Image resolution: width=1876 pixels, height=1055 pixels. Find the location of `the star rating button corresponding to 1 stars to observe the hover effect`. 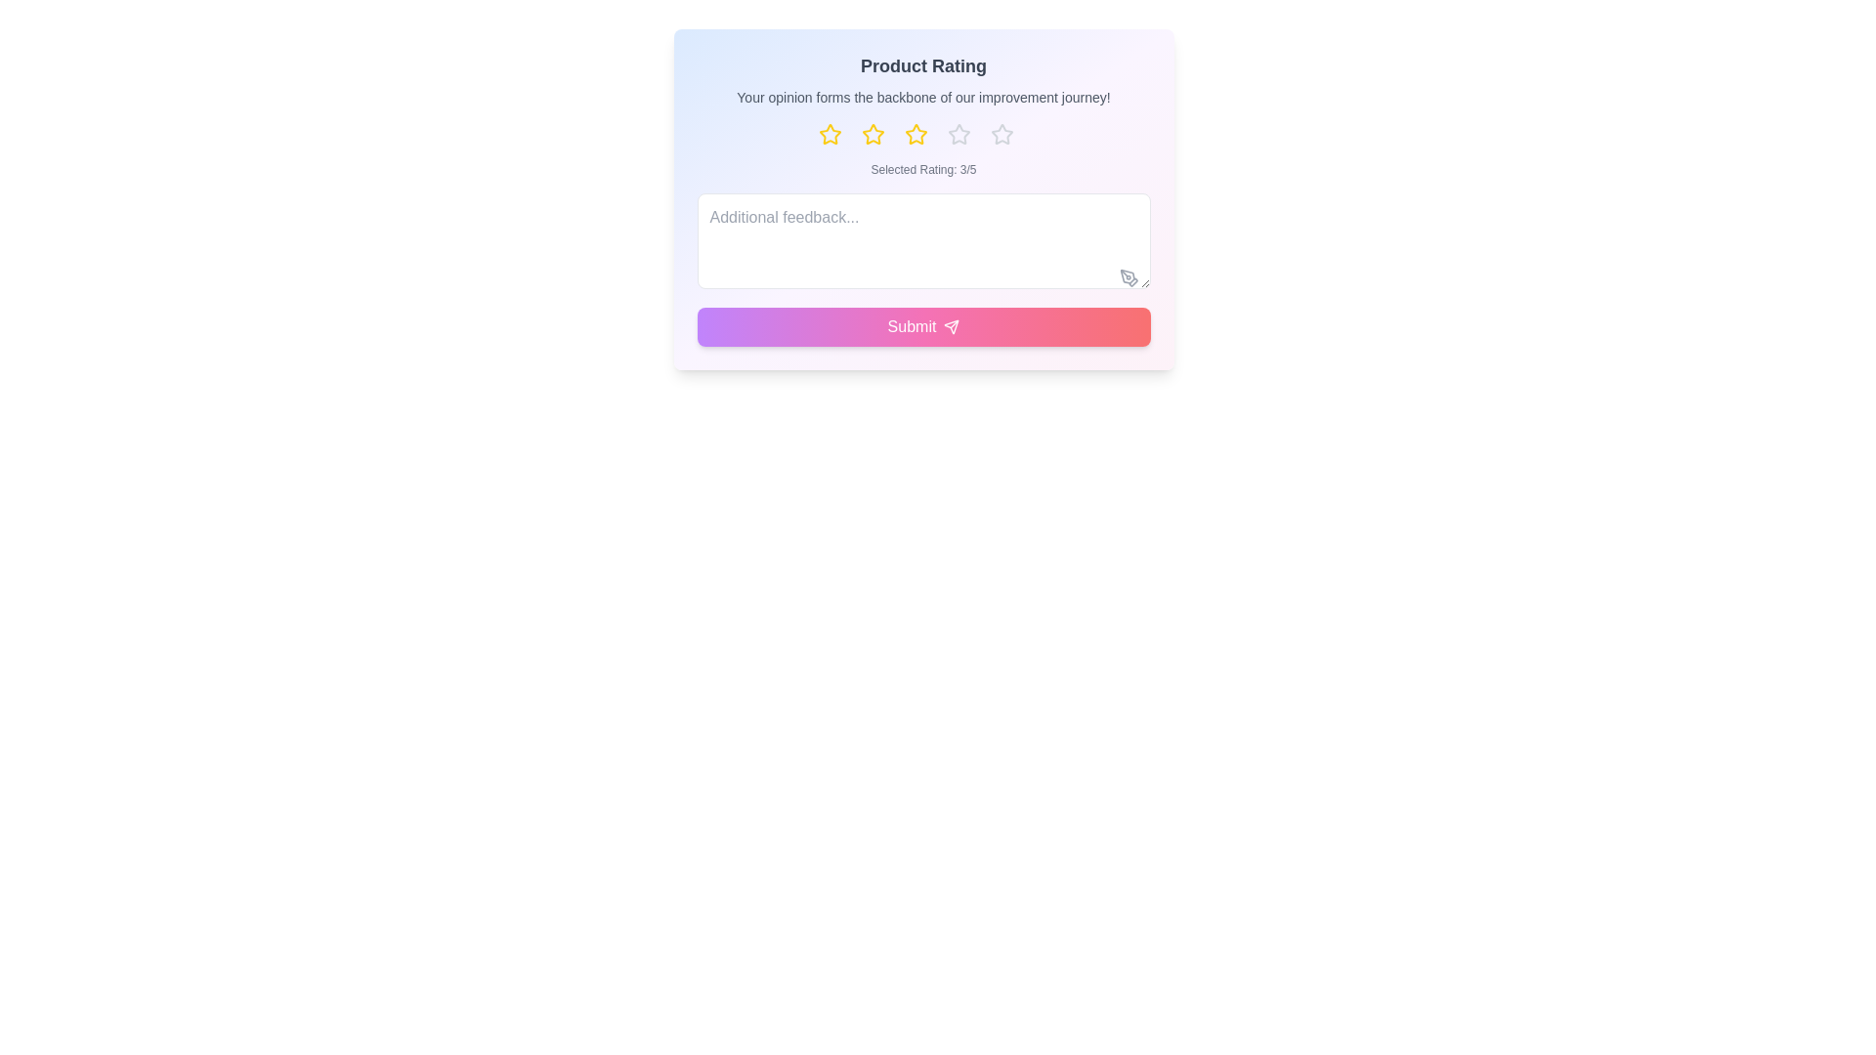

the star rating button corresponding to 1 stars to observe the hover effect is located at coordinates (837, 134).